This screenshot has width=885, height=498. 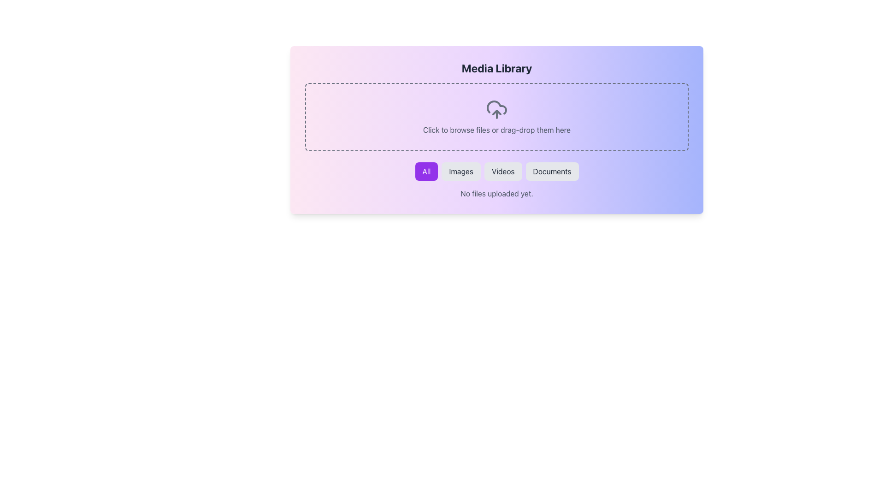 I want to click on the 'Images' button, which is the second button in the button group labeled 'All Images Videos Documents', to filter images, so click(x=460, y=171).